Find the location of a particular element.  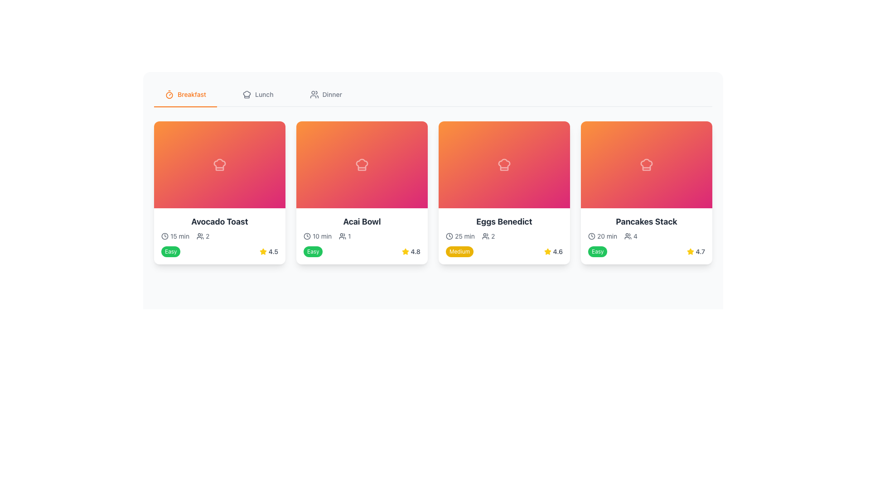

the informational label displaying the estimated preparation time ('20 min') and the number of servings ('4') located in the fourth card under the 'Breakfast' section, beneath the title 'Pancakes Stack' is located at coordinates (646, 235).